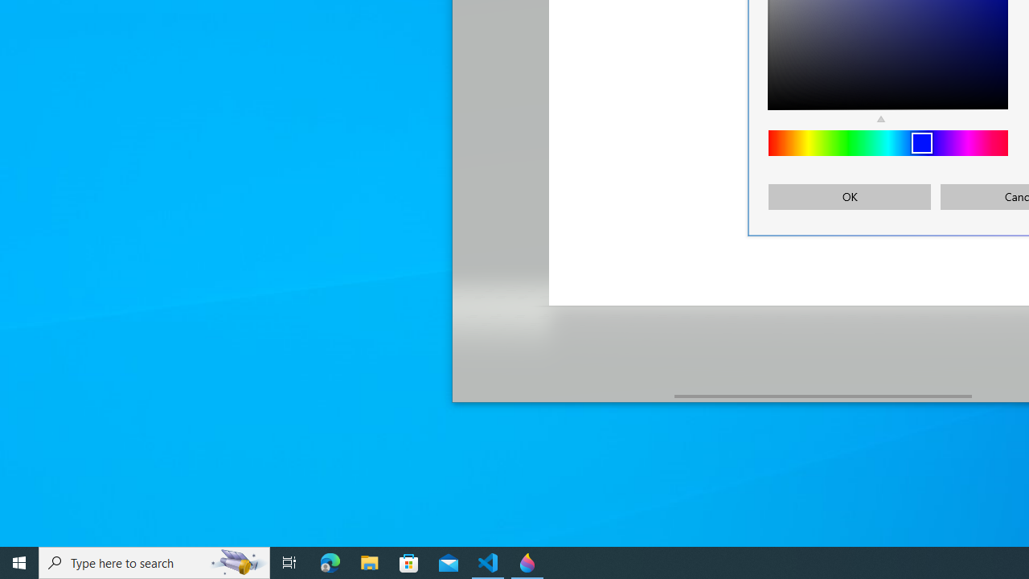  I want to click on 'Type here to search', so click(154, 561).